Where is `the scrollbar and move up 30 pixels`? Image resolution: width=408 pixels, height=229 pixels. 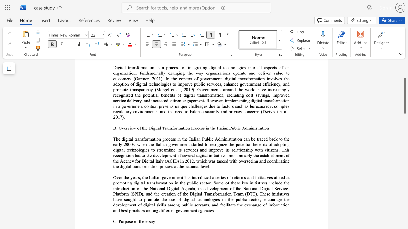
the scrollbar and move up 30 pixels is located at coordinates (404, 96).